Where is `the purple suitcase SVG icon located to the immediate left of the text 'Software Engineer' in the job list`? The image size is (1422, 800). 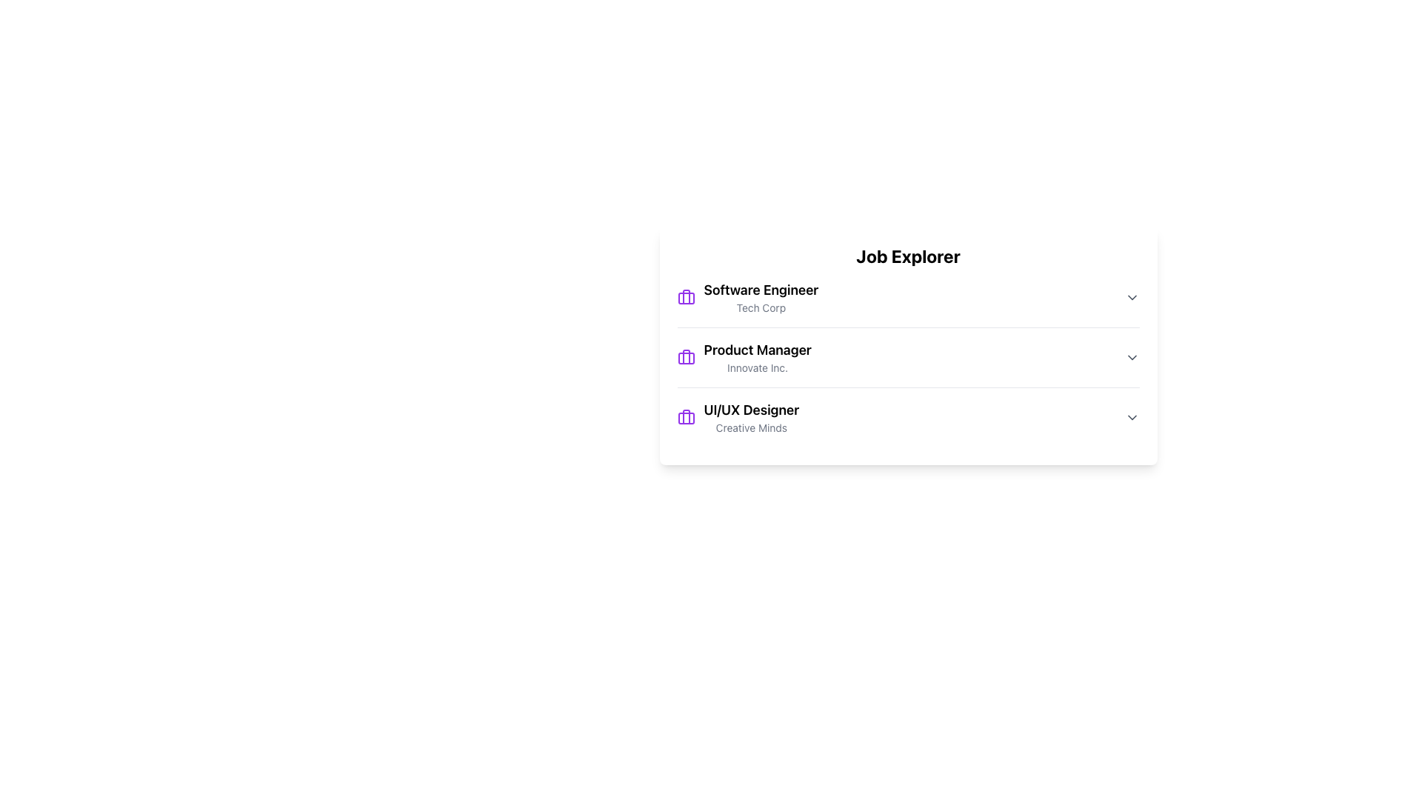 the purple suitcase SVG icon located to the immediate left of the text 'Software Engineer' in the job list is located at coordinates (685, 297).